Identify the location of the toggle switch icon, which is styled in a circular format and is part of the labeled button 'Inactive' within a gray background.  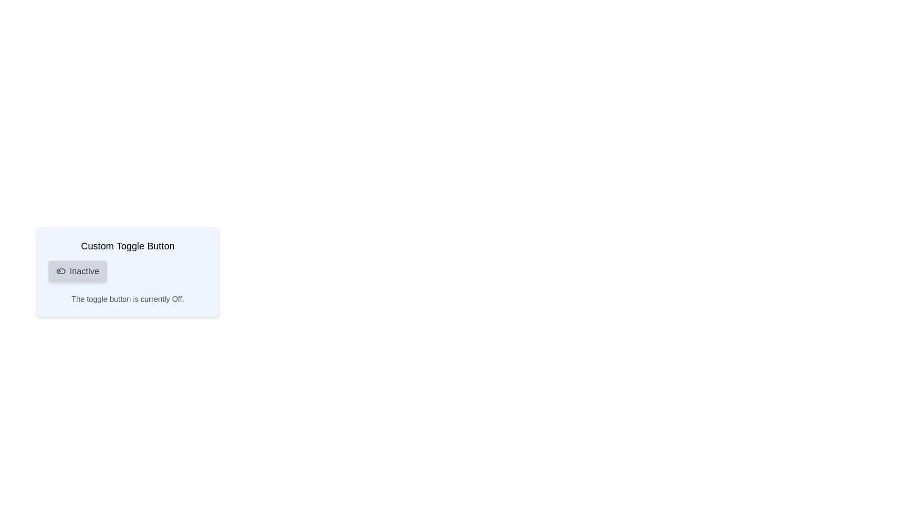
(61, 271).